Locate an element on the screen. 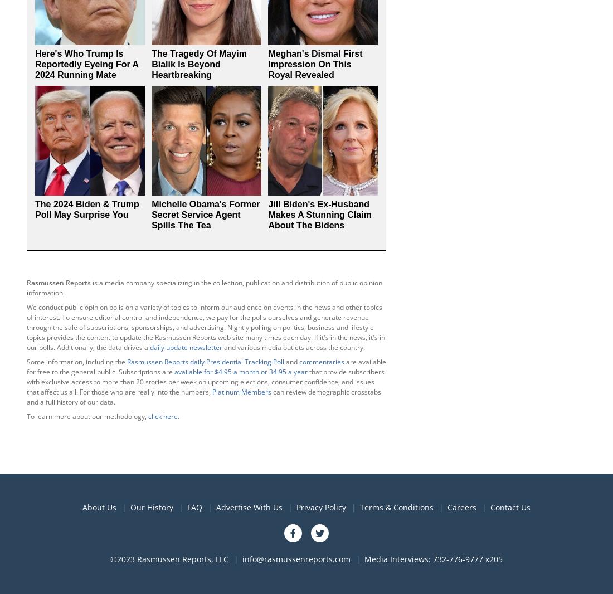 The width and height of the screenshot is (613, 594). 'FAQ' is located at coordinates (194, 507).